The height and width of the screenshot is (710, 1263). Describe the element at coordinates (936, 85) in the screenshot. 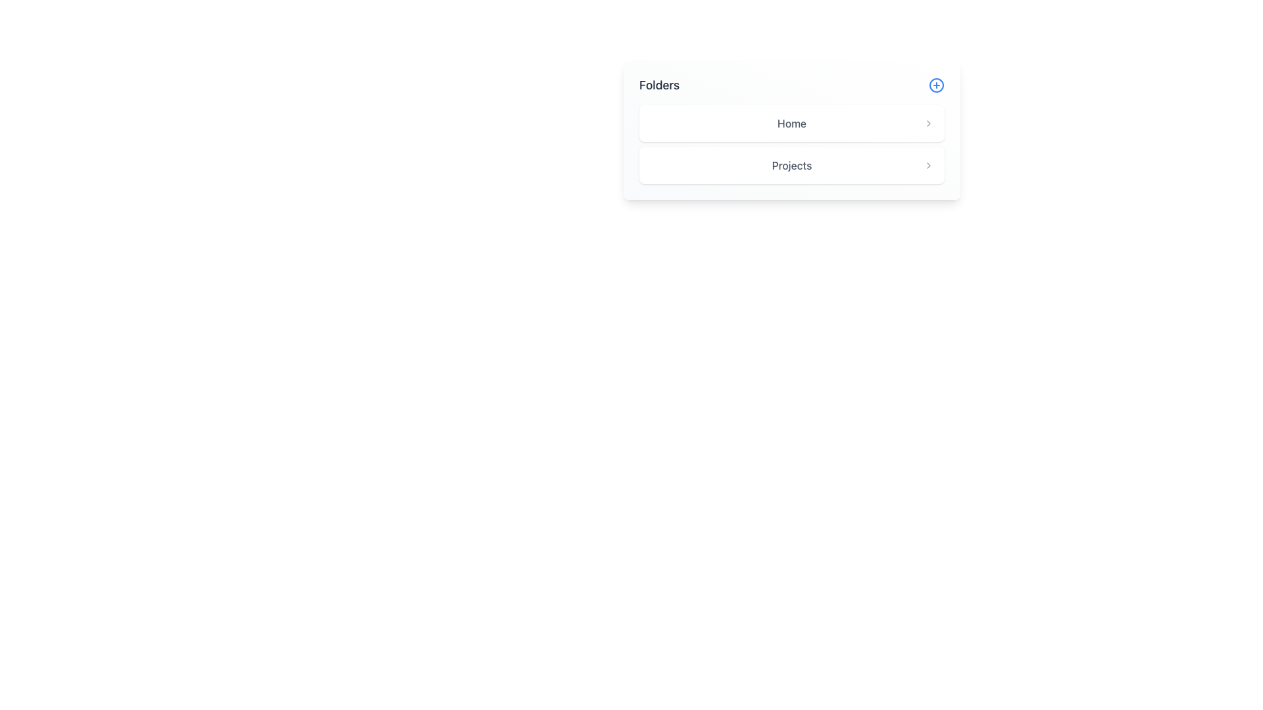

I see `the SVG circle within the button icon located in the upper-right corner of the 'Folders' section, which is part of a combined icon that triggers an action like adding a new folder` at that location.